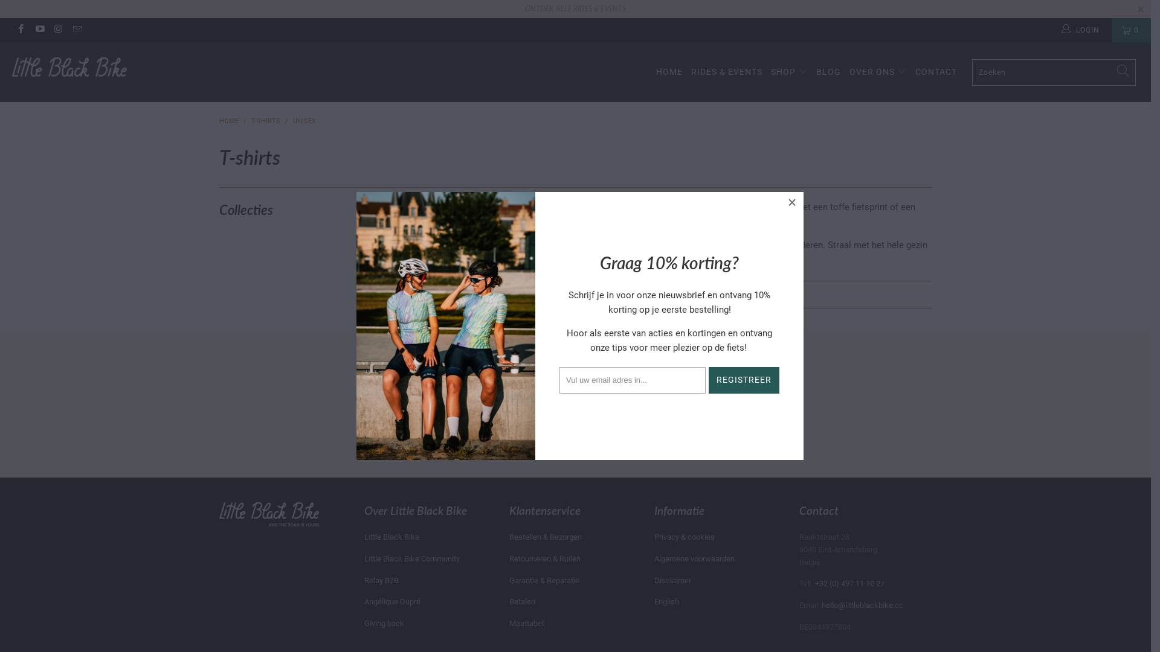 This screenshot has width=1160, height=652. I want to click on 'BLOG', so click(828, 72).